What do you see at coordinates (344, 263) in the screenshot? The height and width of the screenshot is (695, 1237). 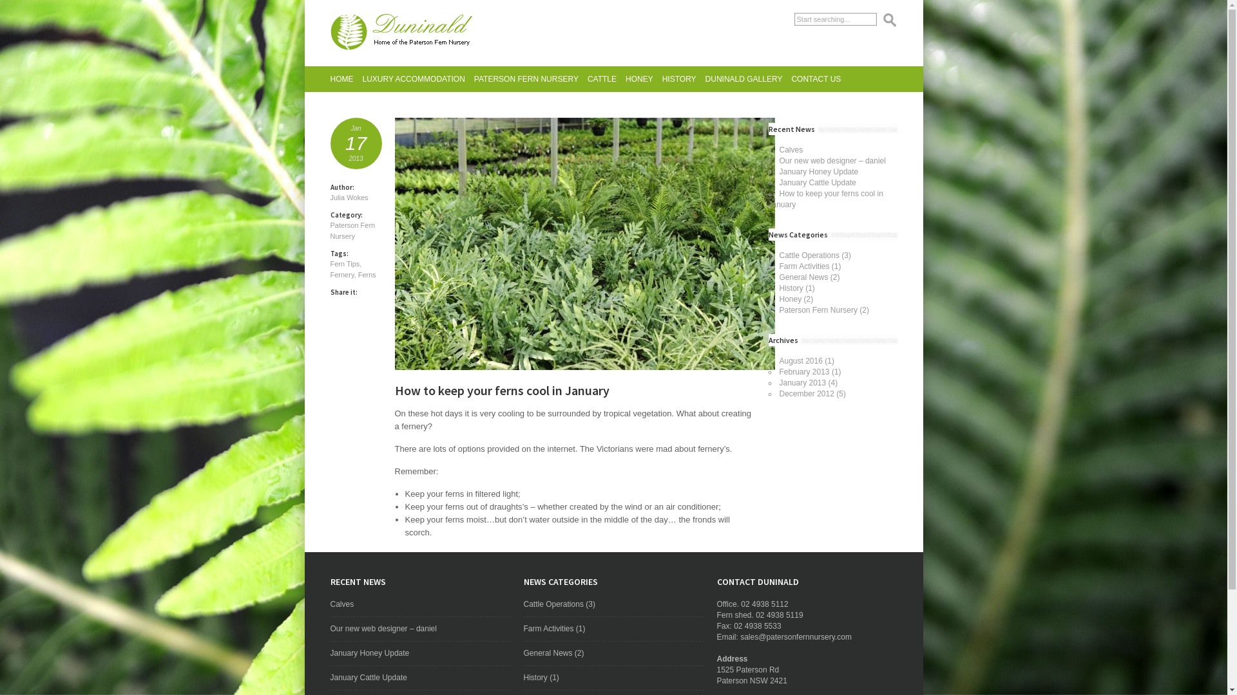 I see `'Fern Tips'` at bounding box center [344, 263].